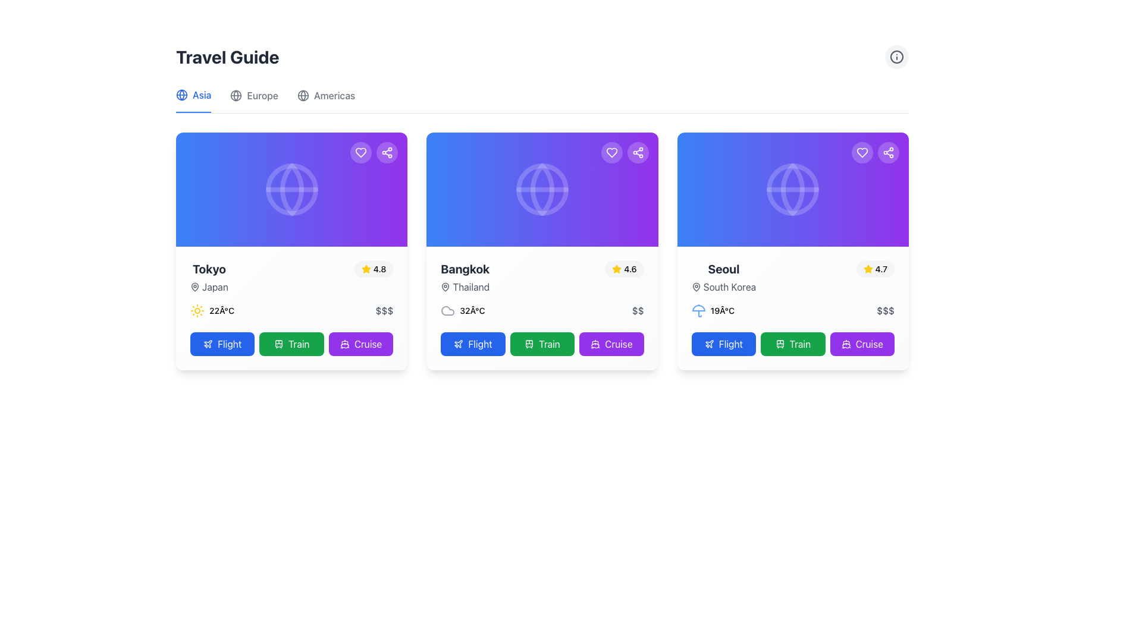 The image size is (1142, 642). Describe the element at coordinates (611, 344) in the screenshot. I see `the purple button with a ship icon and the text 'Cruise'` at that location.